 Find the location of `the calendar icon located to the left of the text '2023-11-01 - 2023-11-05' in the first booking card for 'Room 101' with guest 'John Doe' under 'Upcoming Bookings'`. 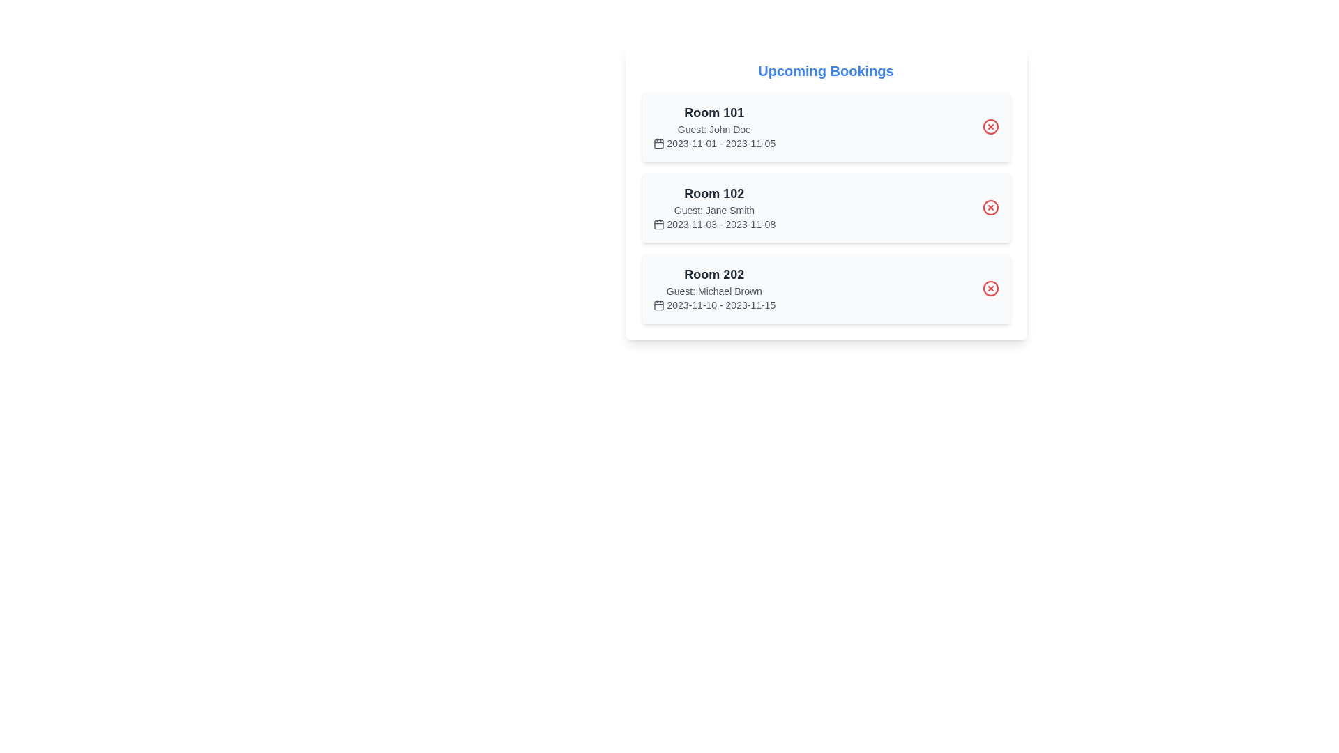

the calendar icon located to the left of the text '2023-11-01 - 2023-11-05' in the first booking card for 'Room 101' with guest 'John Doe' under 'Upcoming Bookings' is located at coordinates (658, 143).